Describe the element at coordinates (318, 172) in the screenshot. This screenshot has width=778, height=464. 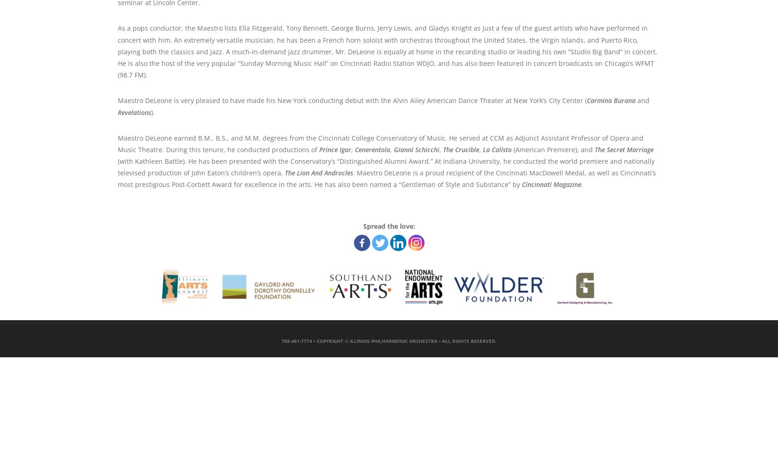
I see `'The Lion And Androcles'` at that location.